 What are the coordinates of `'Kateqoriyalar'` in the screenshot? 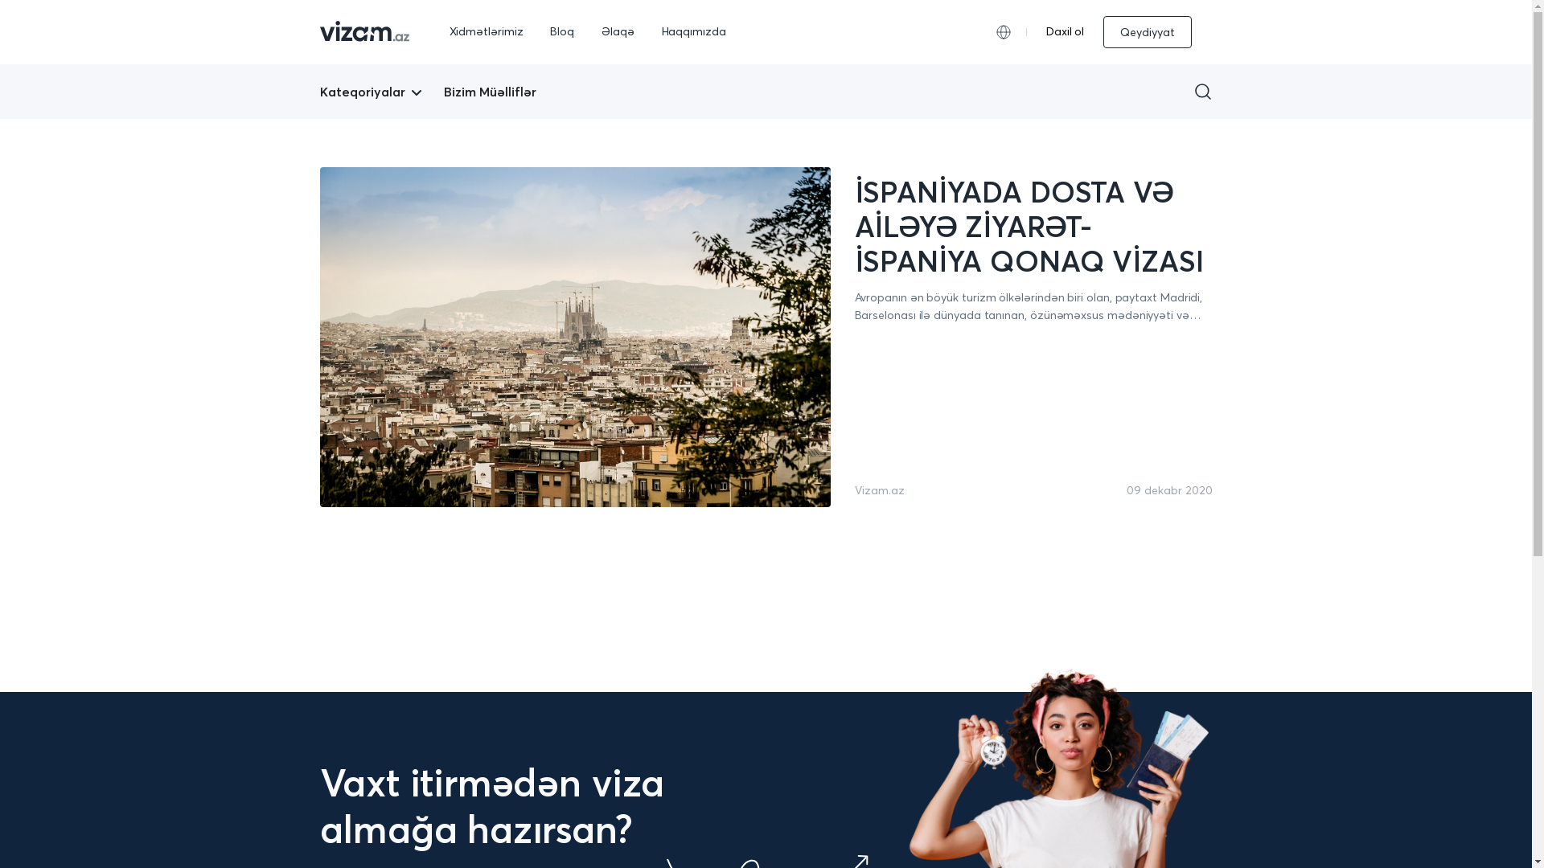 It's located at (320, 92).